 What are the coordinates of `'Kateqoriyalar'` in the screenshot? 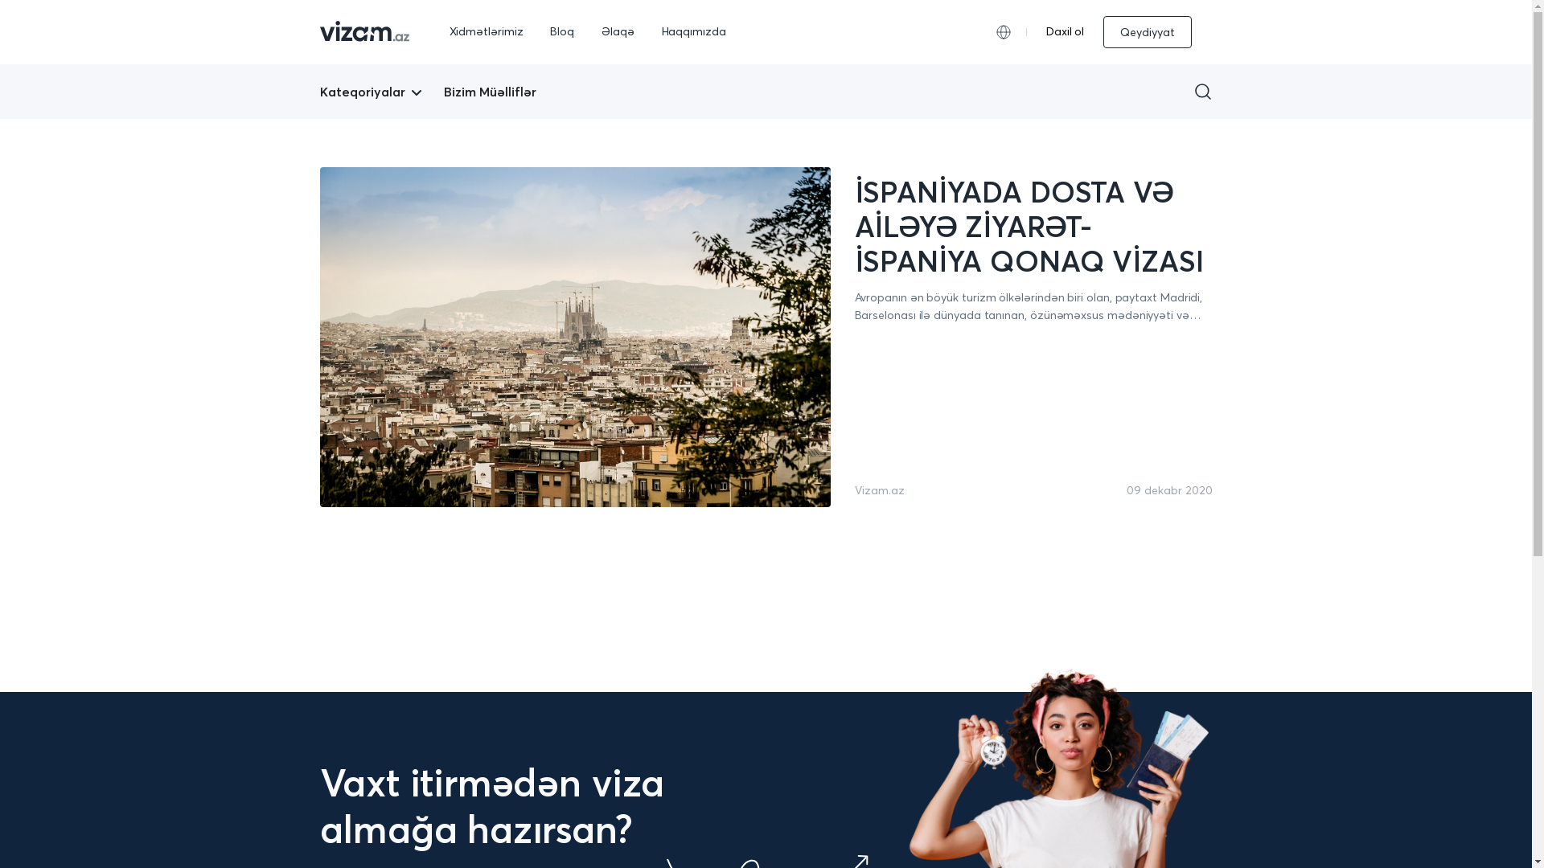 It's located at (320, 92).